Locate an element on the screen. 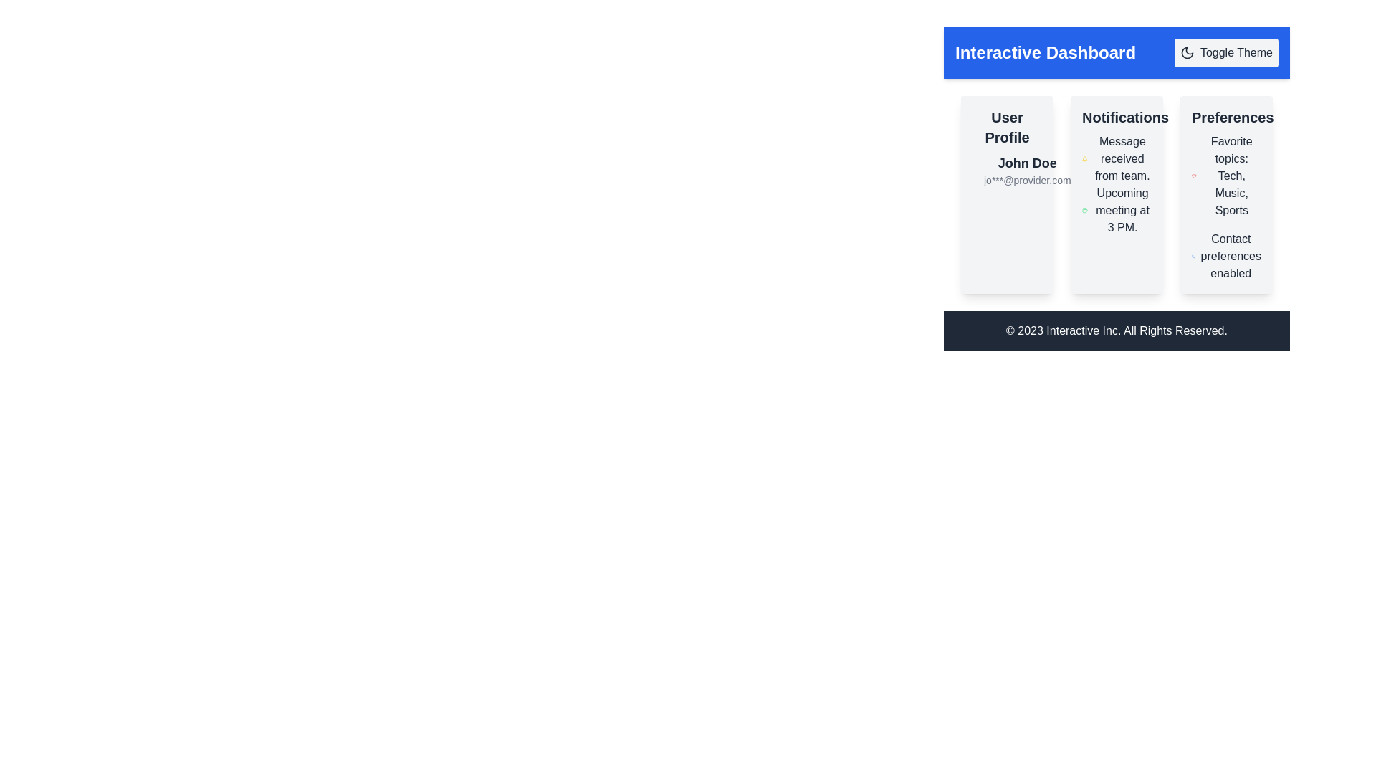  the Text block within the notification component that informs users of received notifications regarding team messages and scheduled meetings is located at coordinates (1116, 184).